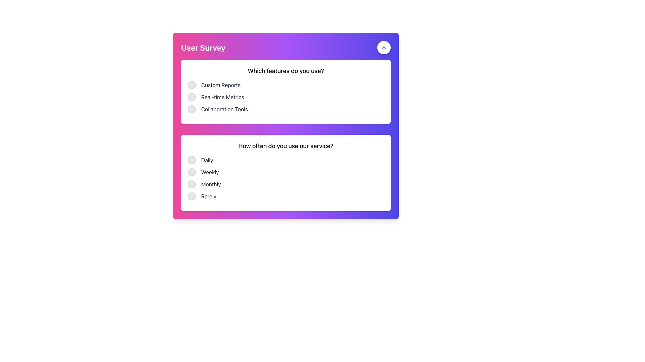 Image resolution: width=645 pixels, height=362 pixels. What do you see at coordinates (286, 97) in the screenshot?
I see `the circular widget of the 'Real-time Metrics' option in the survey card titled 'Which features do you use?'` at bounding box center [286, 97].